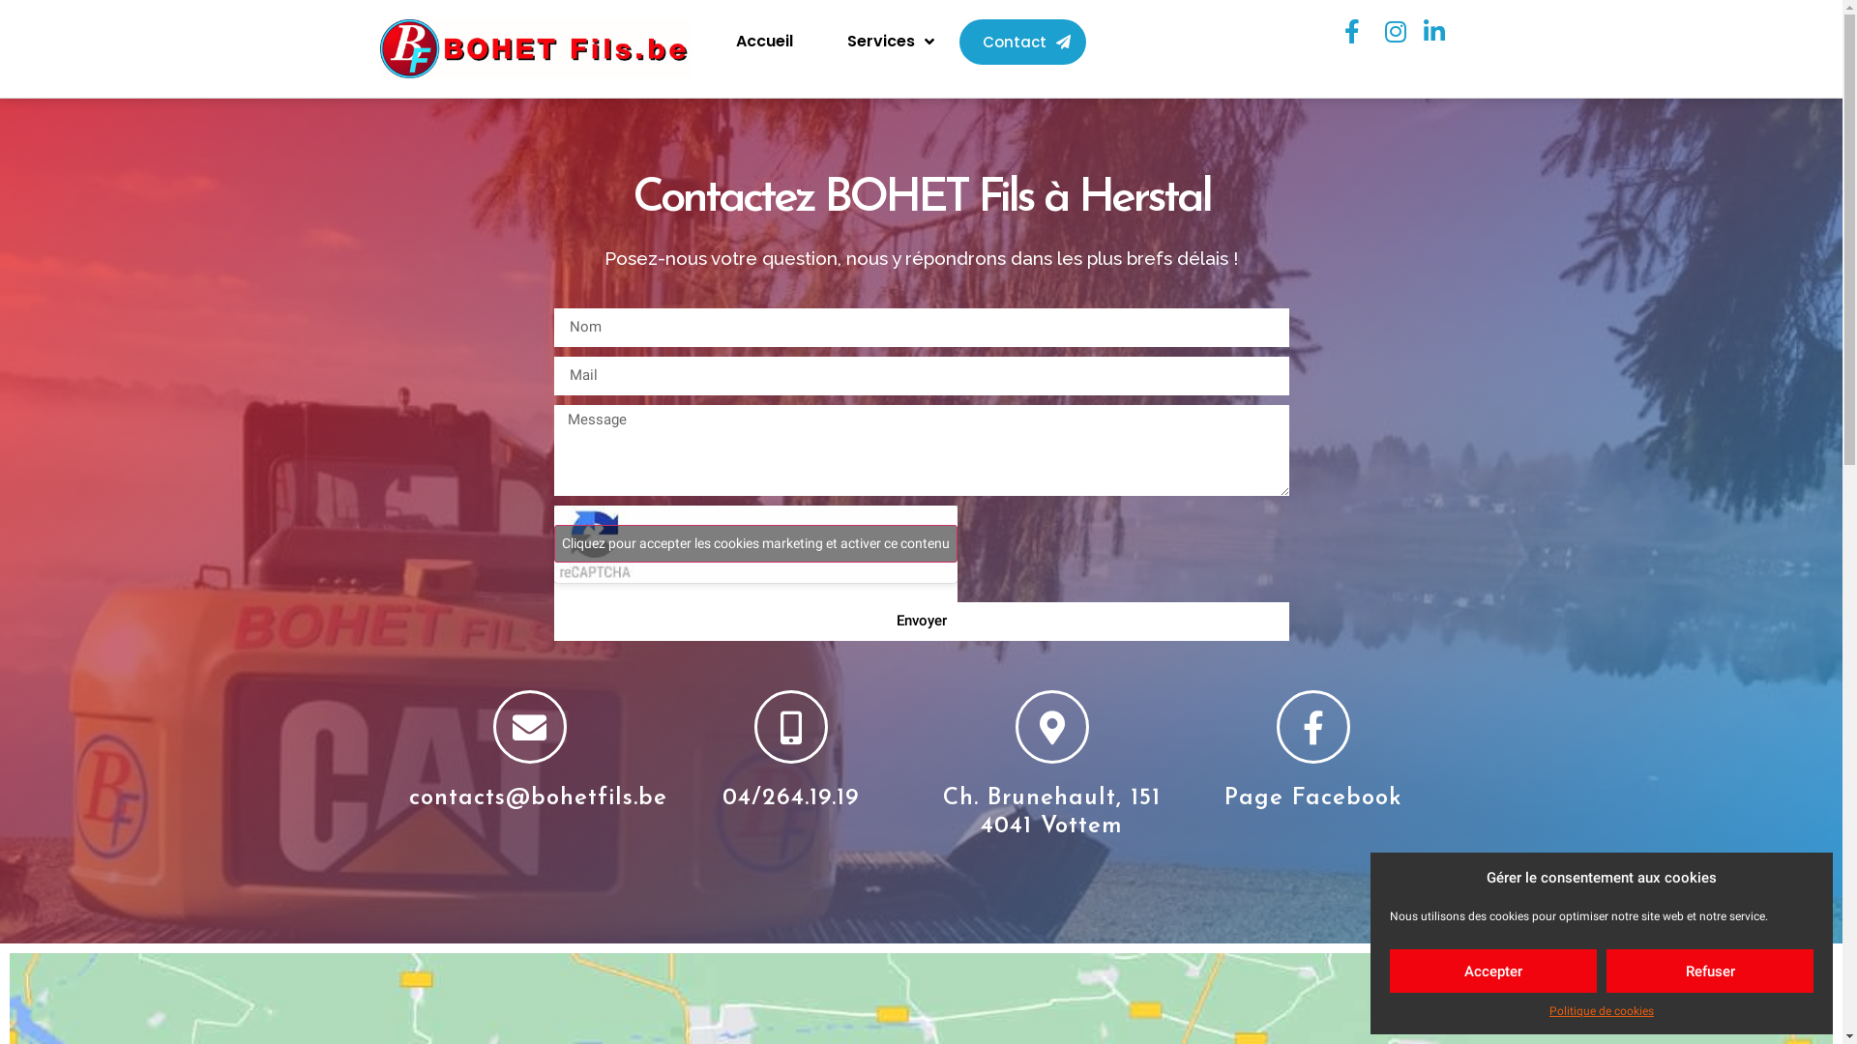 Image resolution: width=1857 pixels, height=1044 pixels. What do you see at coordinates (407, 797) in the screenshot?
I see `'contacts@bohetfils.be'` at bounding box center [407, 797].